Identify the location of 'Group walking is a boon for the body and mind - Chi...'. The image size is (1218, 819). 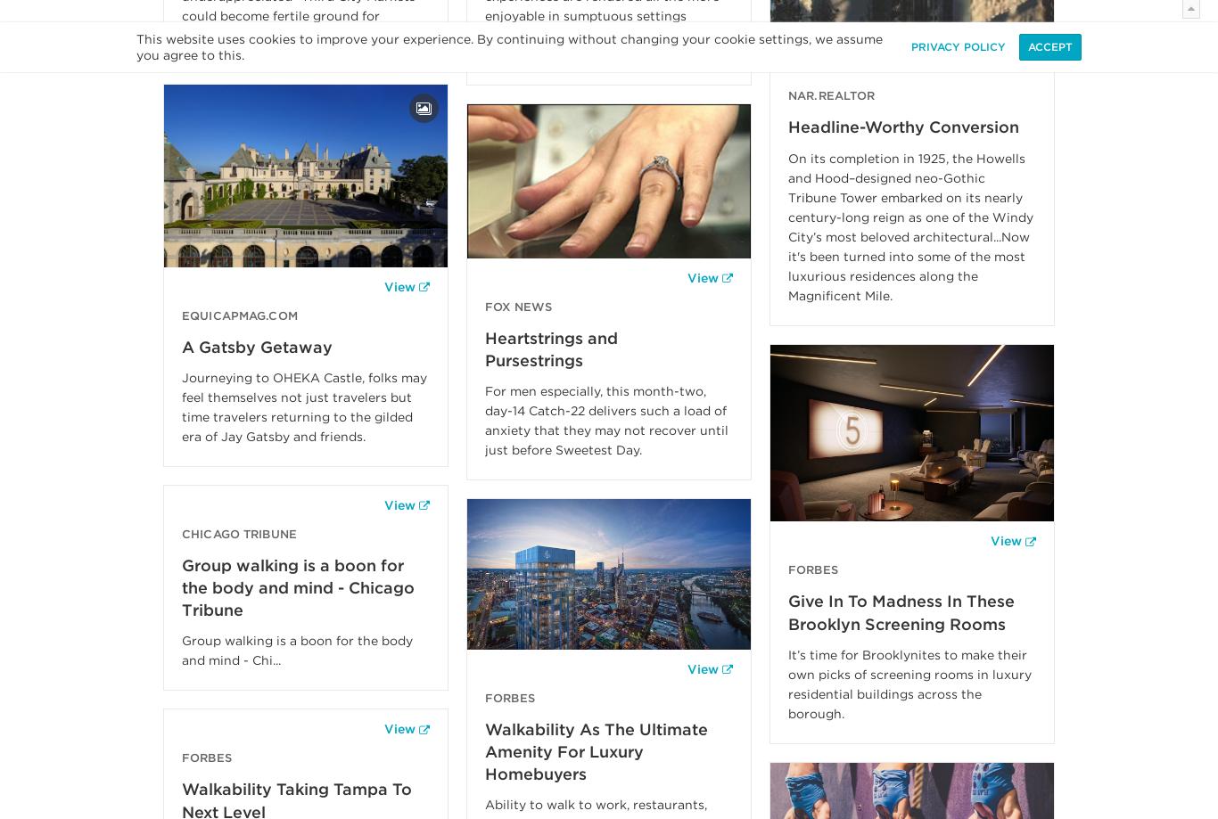
(297, 649).